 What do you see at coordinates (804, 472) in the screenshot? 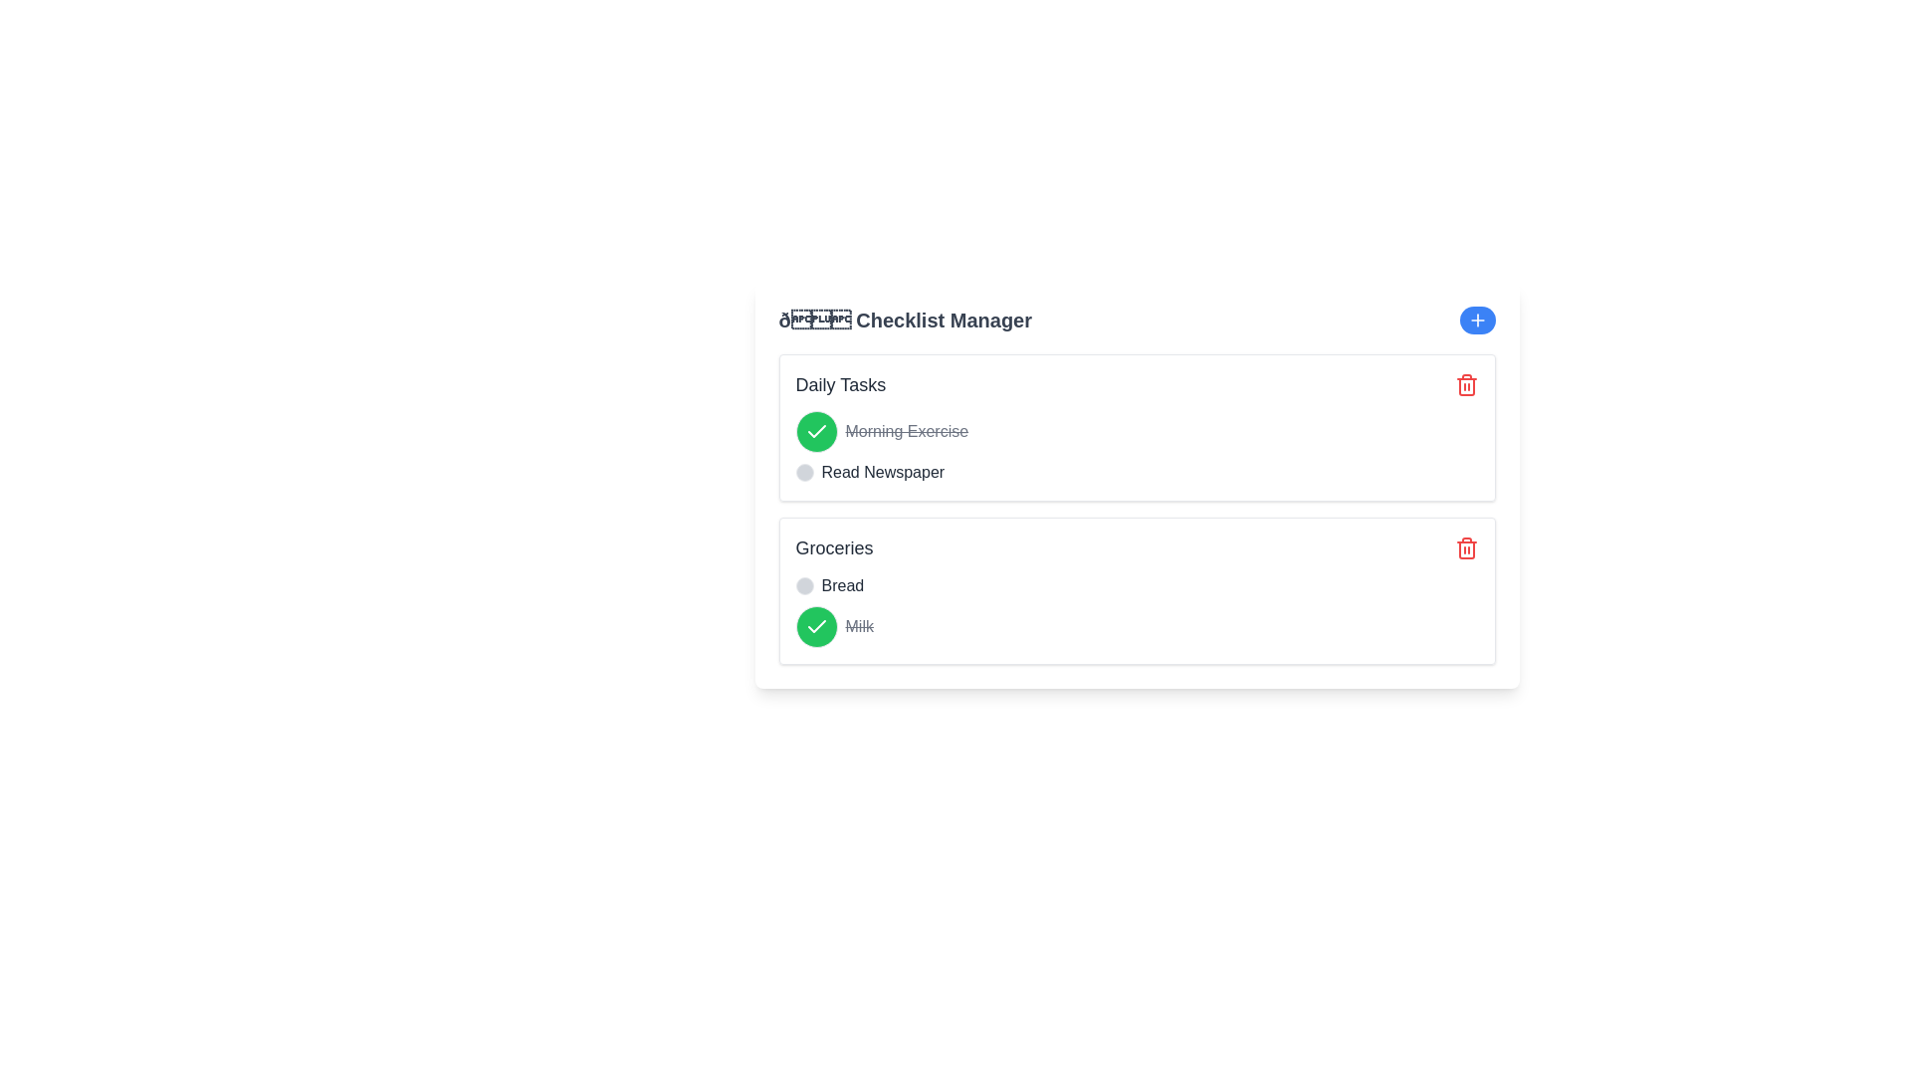
I see `the circular button located to the left of the 'Read Newspaper' label in the 'Daily Tasks' section` at bounding box center [804, 472].